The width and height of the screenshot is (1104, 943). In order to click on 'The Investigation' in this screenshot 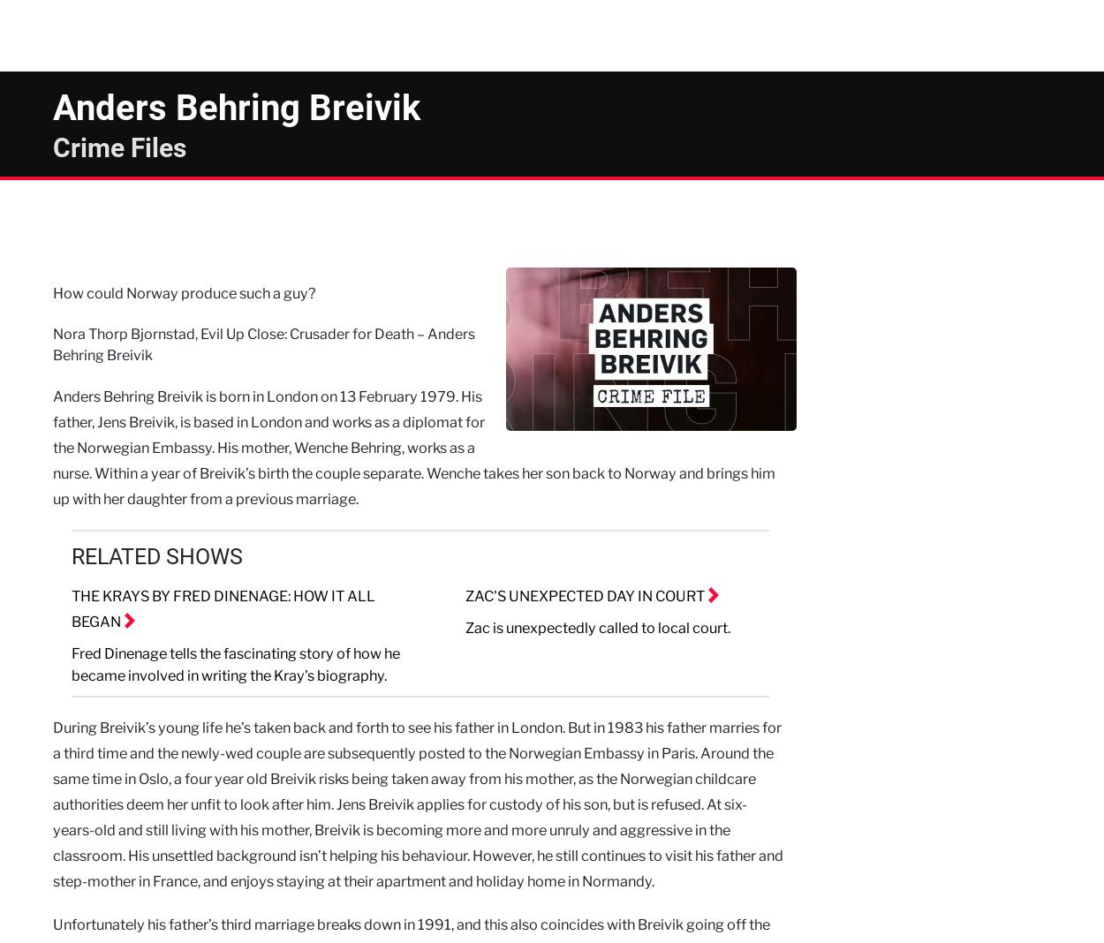, I will do `click(211, 19)`.